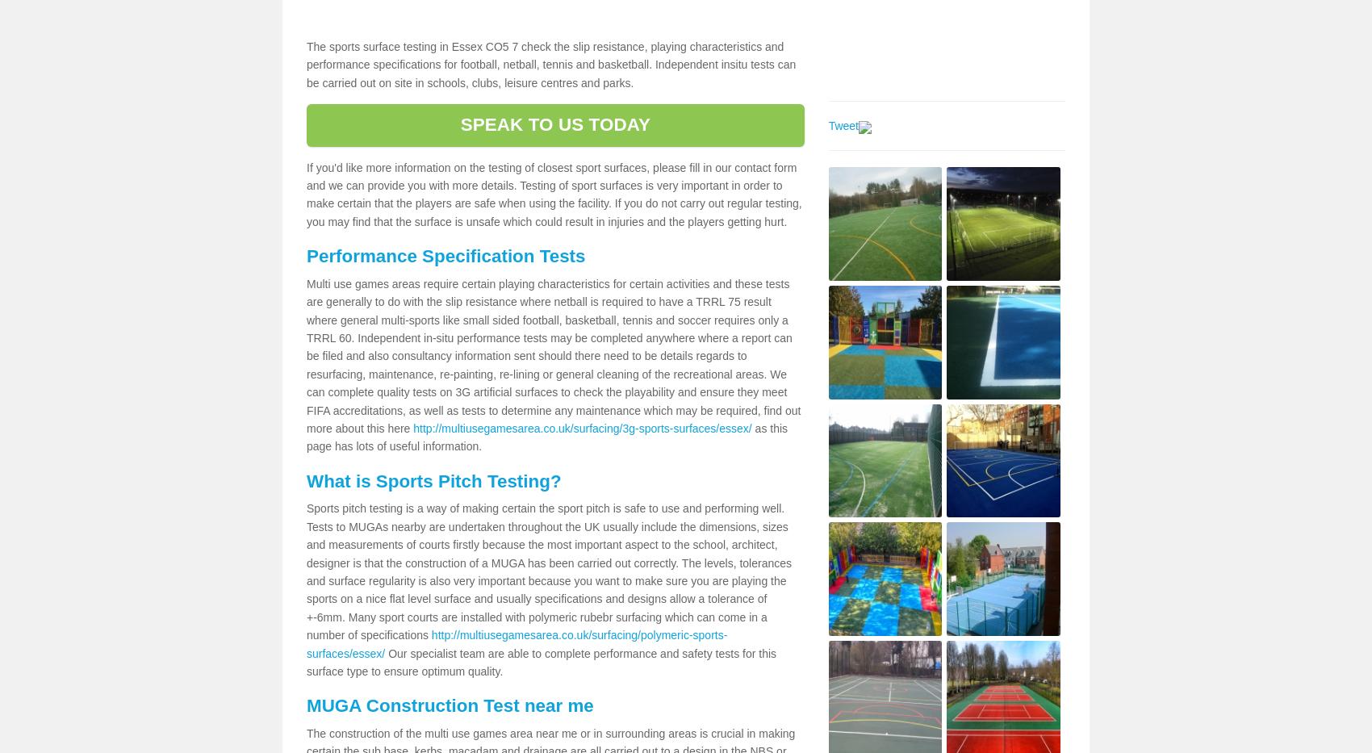 Image resolution: width=1372 pixels, height=753 pixels. Describe the element at coordinates (551, 64) in the screenshot. I see `'The sports surface testing in Essex CO5 7 check the slip resistance, playing characteristics and performance specifications for football, netball, tennis and basketball. Independent insitu tests can be carried out on site in schools, clubs, leisure centres and parks.'` at that location.